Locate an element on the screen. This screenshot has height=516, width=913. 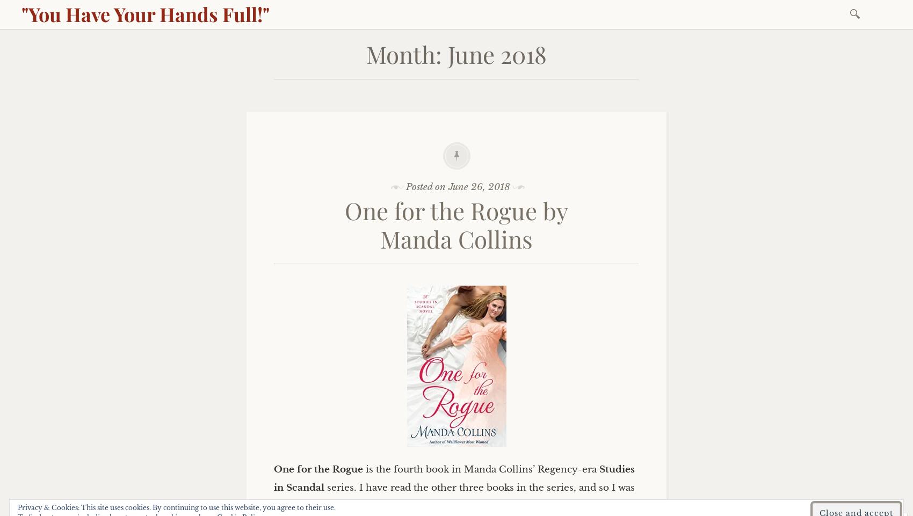
'One for the Rogue by Manda Collins' is located at coordinates (457, 223).